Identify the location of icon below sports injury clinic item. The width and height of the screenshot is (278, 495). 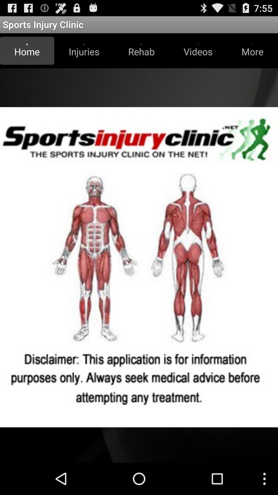
(27, 51).